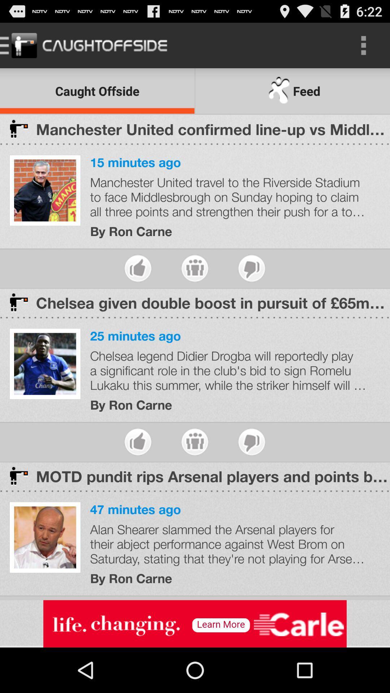  I want to click on story, so click(194, 268).